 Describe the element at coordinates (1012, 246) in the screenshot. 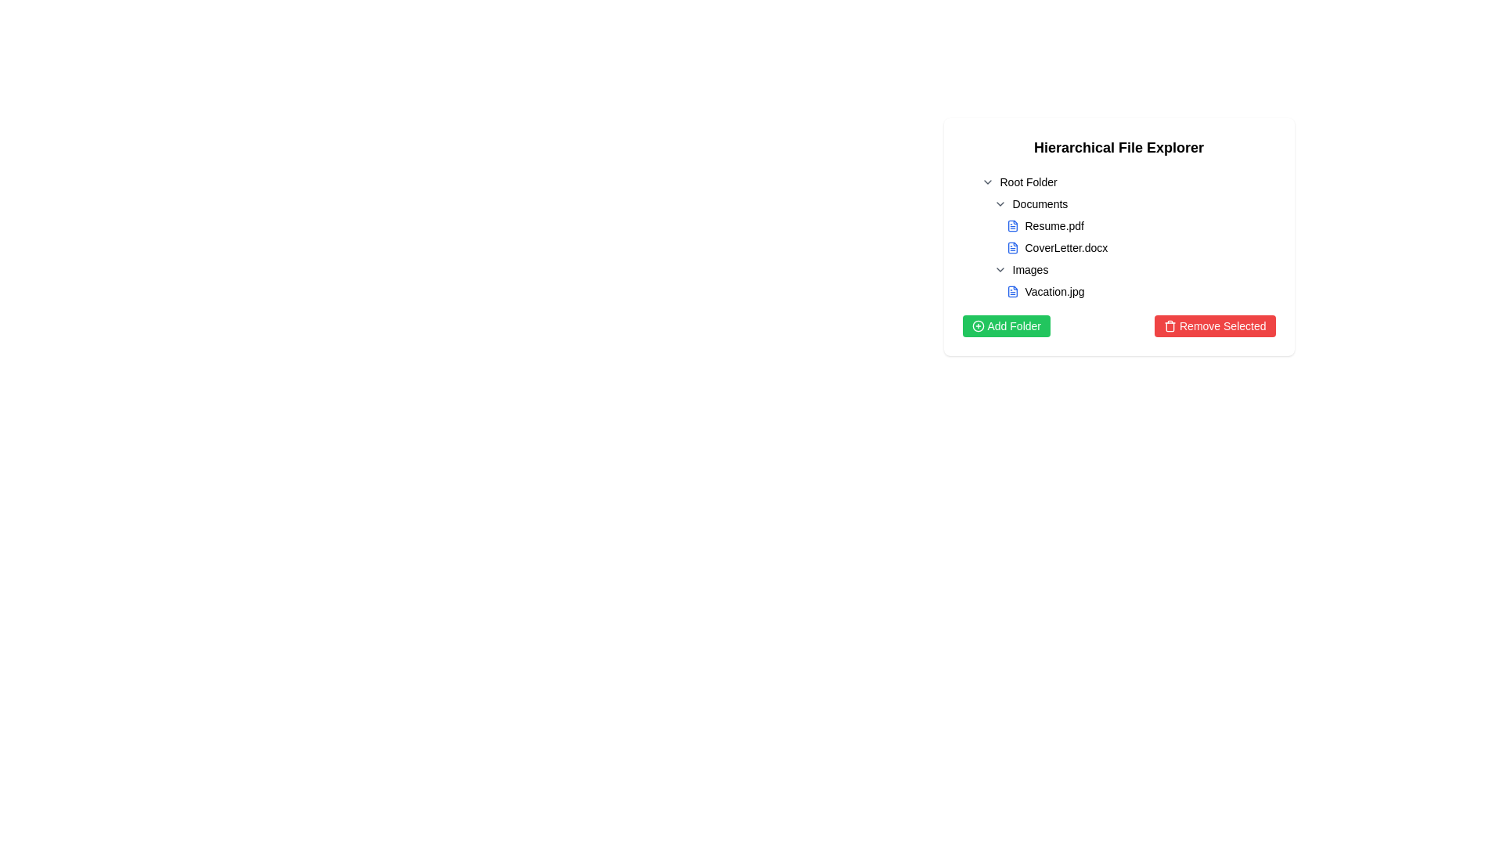

I see `the document icon in the hierarchical file explorer interface, which is a blue outlined SVG element resembling a document sheet` at that location.